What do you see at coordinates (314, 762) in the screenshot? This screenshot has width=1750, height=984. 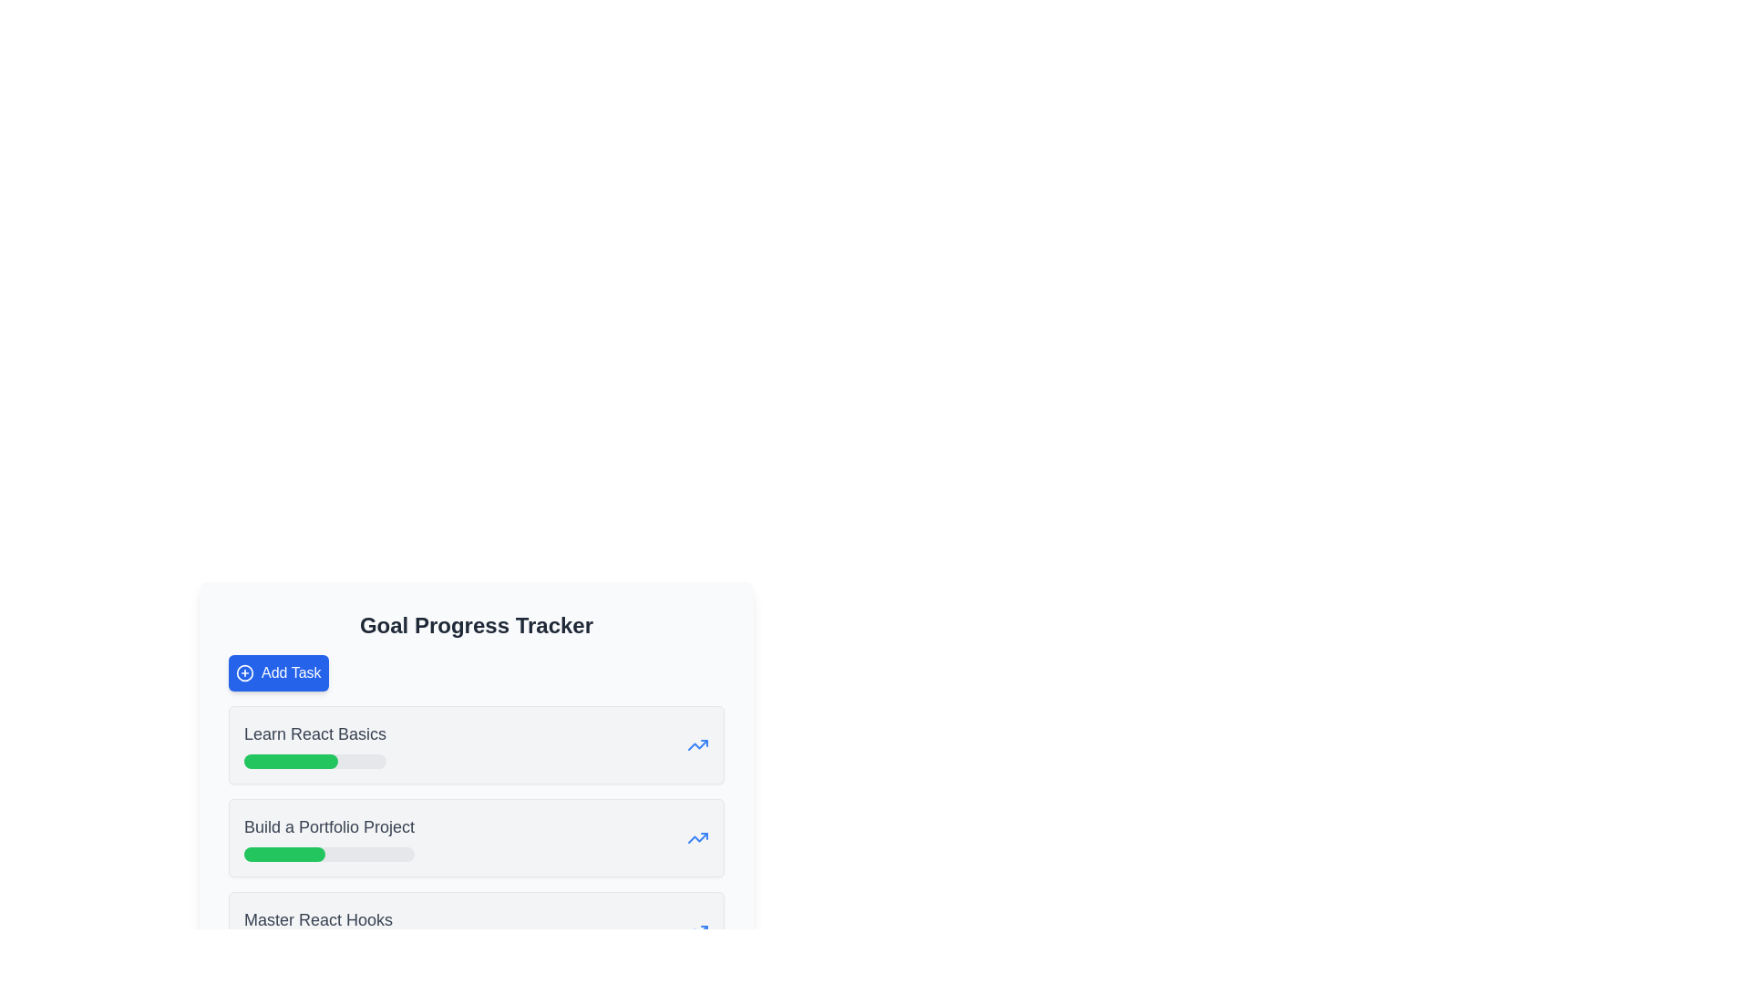 I see `the progress bar indicating the completion of 'Learn React Basics', which is the first item in the 'Goal Progress Tracker' section` at bounding box center [314, 762].